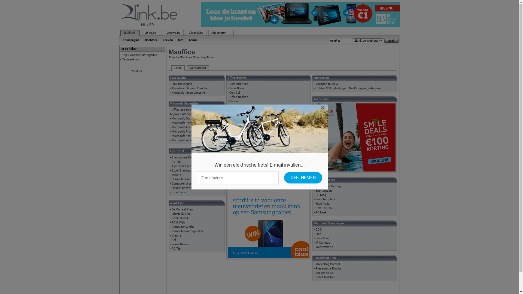 The height and width of the screenshot is (294, 523). What do you see at coordinates (173, 33) in the screenshot?
I see `'2News.be'` at bounding box center [173, 33].